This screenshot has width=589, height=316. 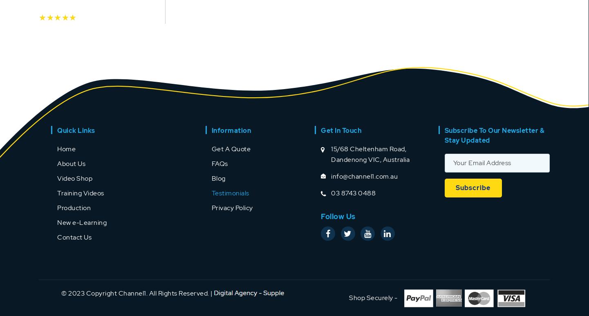 I want to click on 'Quick Links', so click(x=76, y=130).